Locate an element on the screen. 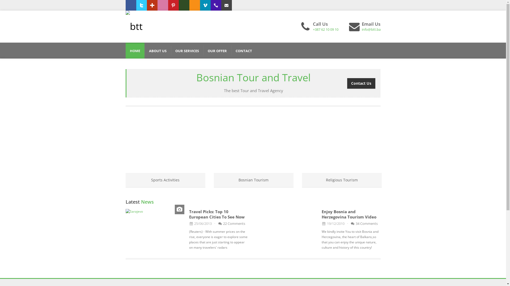 The width and height of the screenshot is (510, 286). '22 Comments' is located at coordinates (231, 224).